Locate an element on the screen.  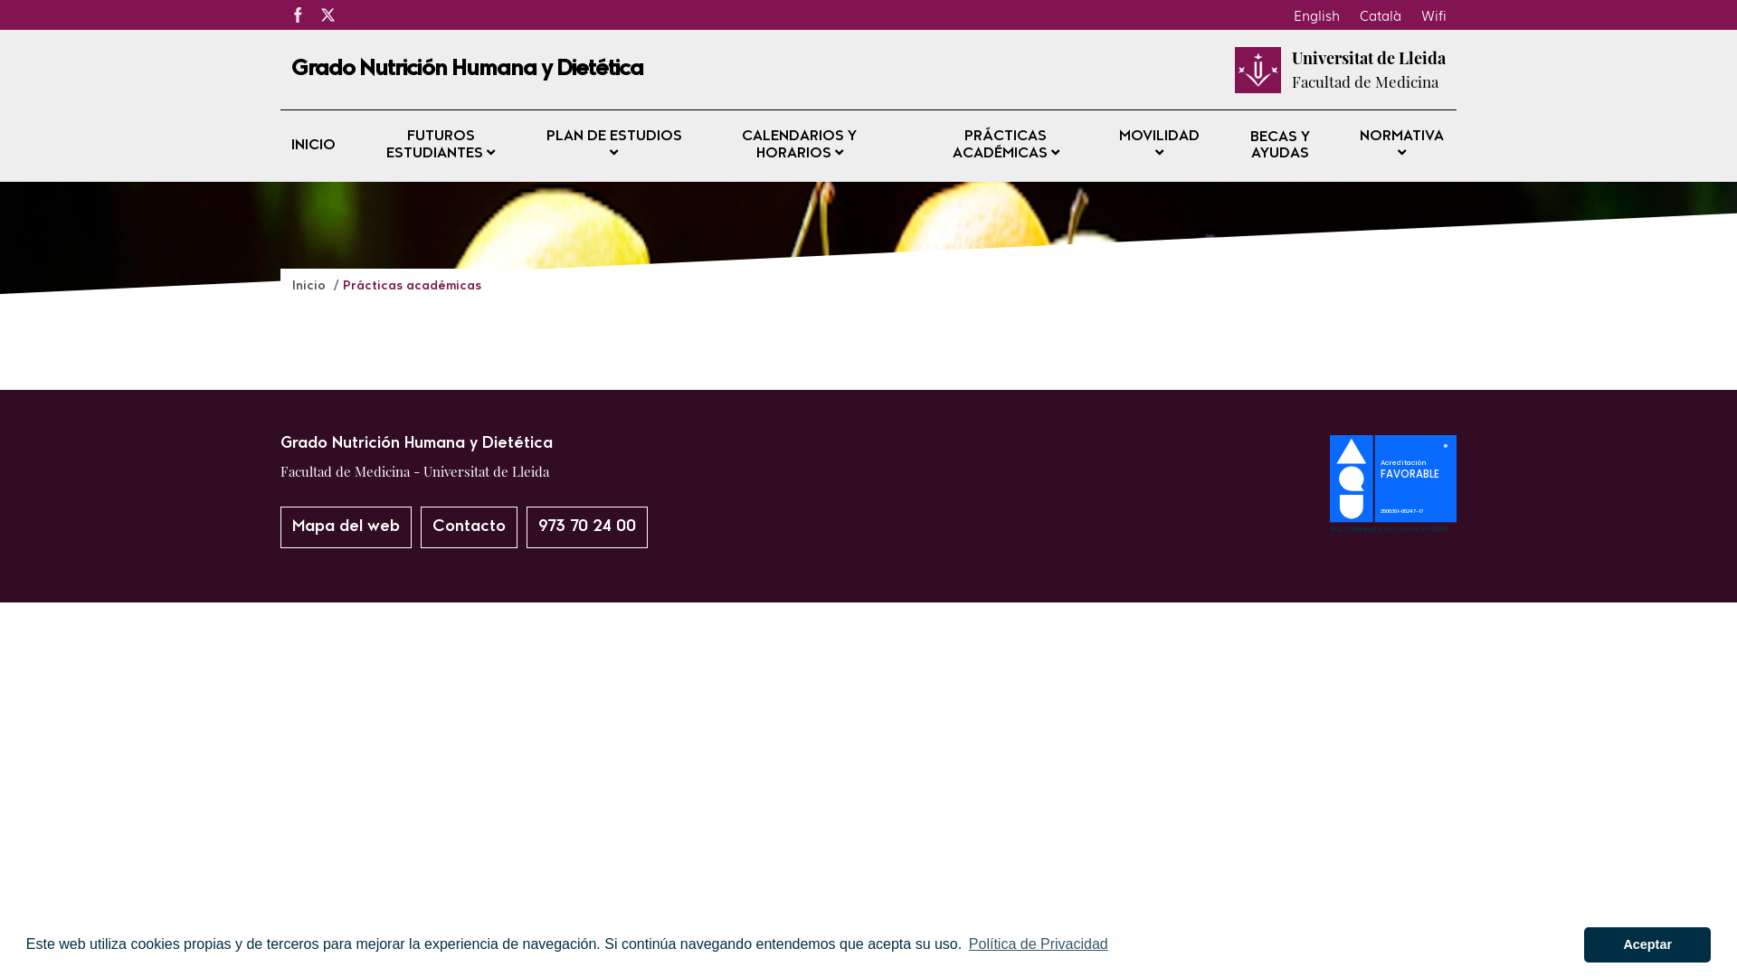
'Universitat de Lleida is located at coordinates (1291, 69).